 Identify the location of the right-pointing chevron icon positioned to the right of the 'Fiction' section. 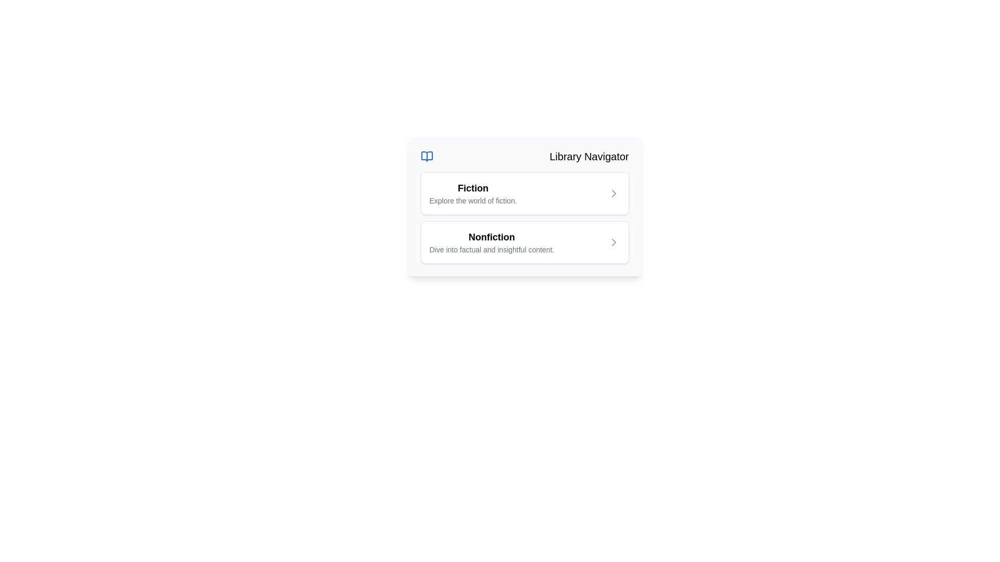
(614, 193).